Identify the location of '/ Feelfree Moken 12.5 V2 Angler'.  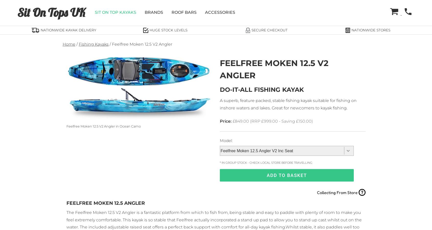
(140, 44).